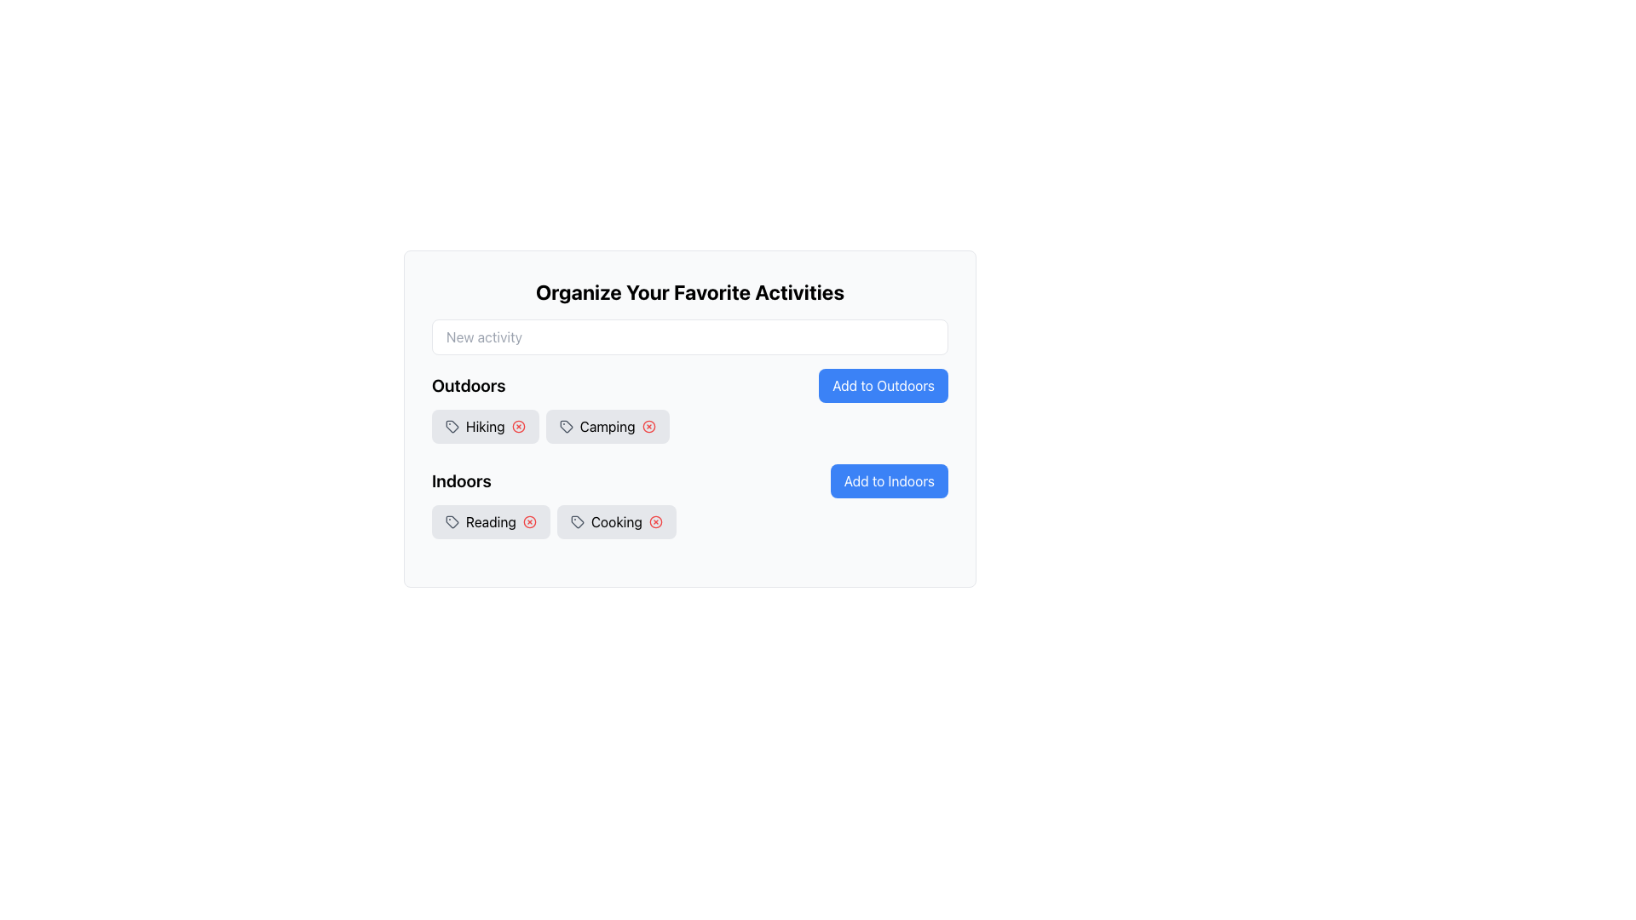 This screenshot has height=920, width=1636. Describe the element at coordinates (566, 426) in the screenshot. I see `the decorative icon associated with the text 'Camping' located to the left of the text within the 'Outdoors' section` at that location.